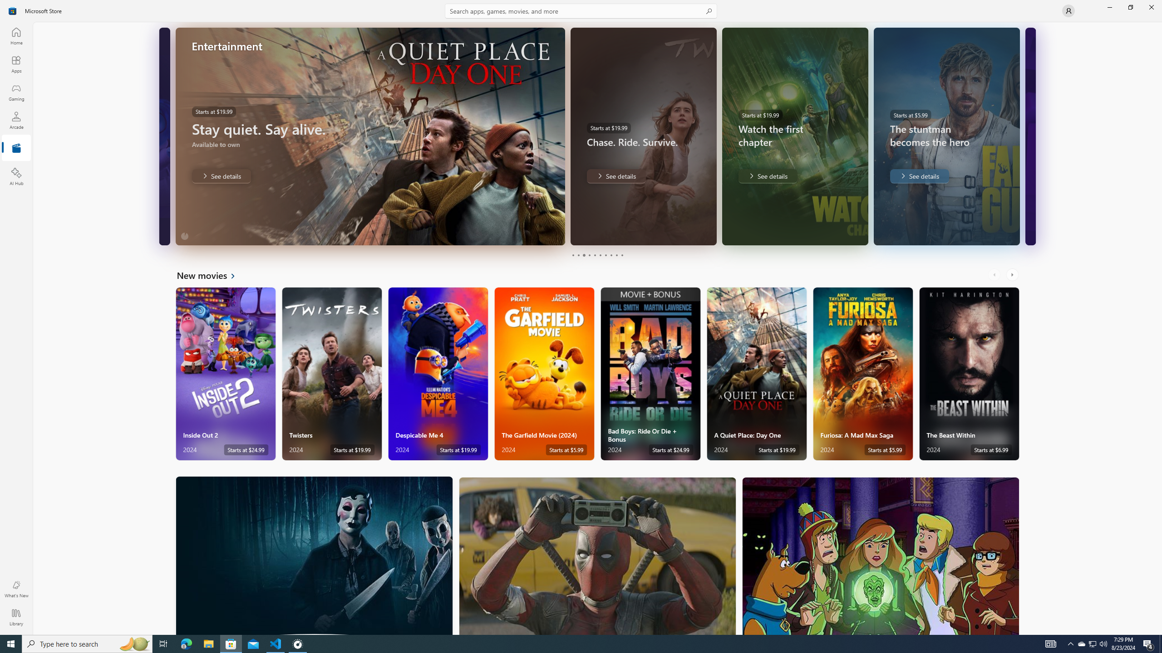  I want to click on 'The Beast Within. Starts at $6.99  ', so click(969, 374).